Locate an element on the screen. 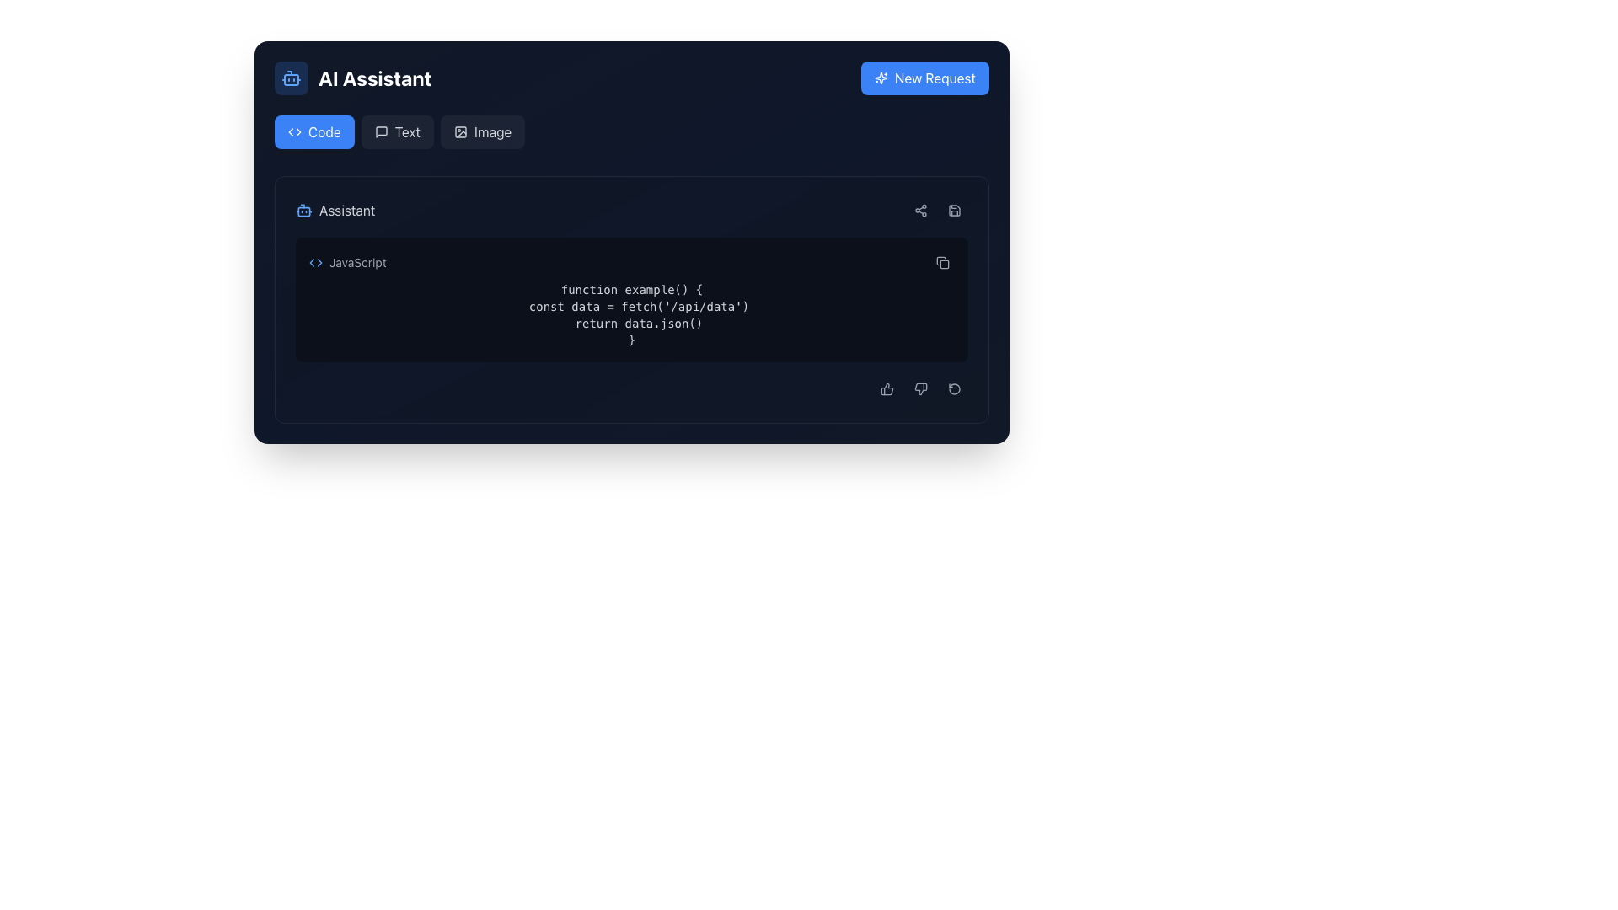 Image resolution: width=1618 pixels, height=910 pixels. the Text Label displaying 'JavaScript' which is styled with a small-sized gray font and located to the right of the code icon is located at coordinates (356, 263).